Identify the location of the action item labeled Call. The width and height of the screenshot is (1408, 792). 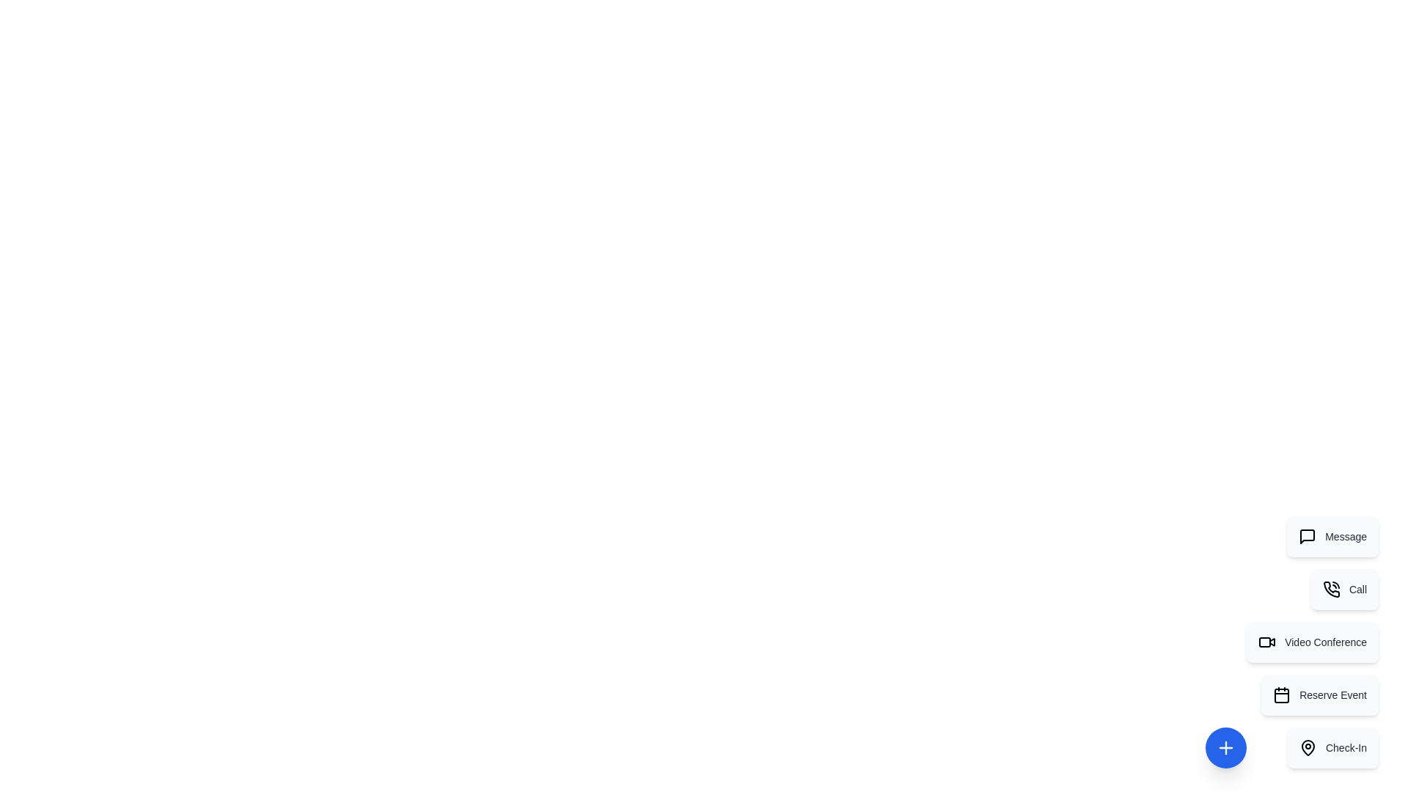
(1344, 588).